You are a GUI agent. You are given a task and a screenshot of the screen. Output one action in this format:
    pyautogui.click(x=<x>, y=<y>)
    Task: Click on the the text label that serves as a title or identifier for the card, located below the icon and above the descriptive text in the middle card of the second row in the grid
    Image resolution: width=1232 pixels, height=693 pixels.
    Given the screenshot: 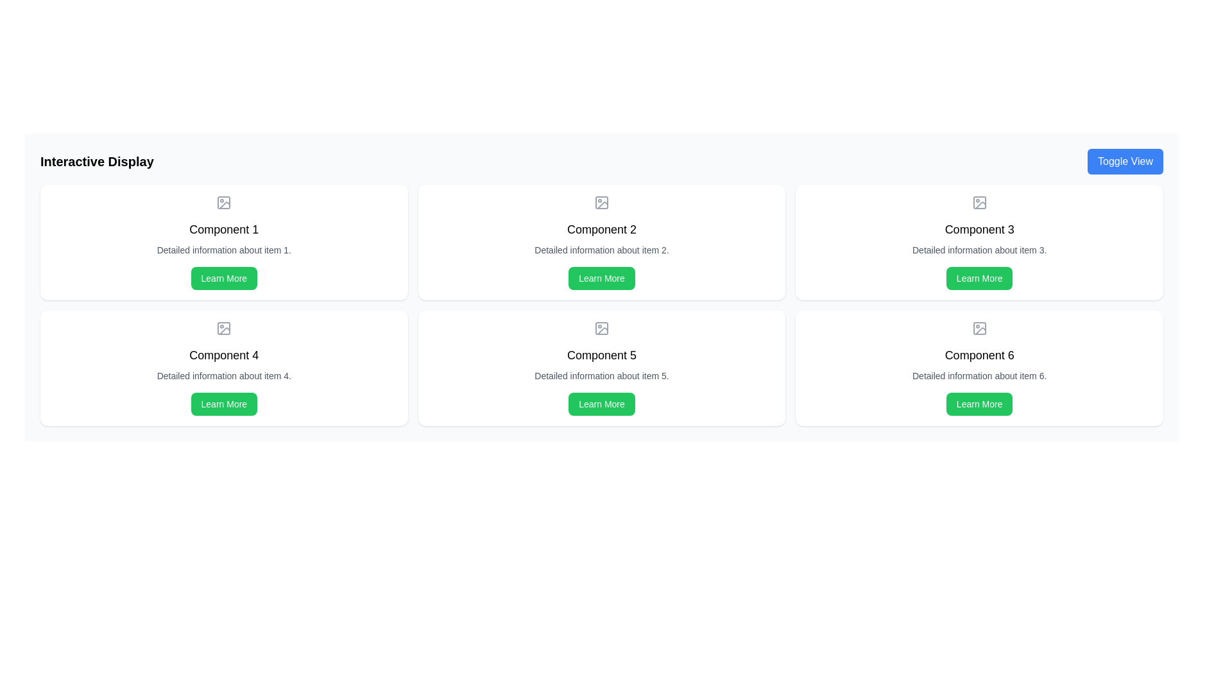 What is the action you would take?
    pyautogui.click(x=601, y=355)
    